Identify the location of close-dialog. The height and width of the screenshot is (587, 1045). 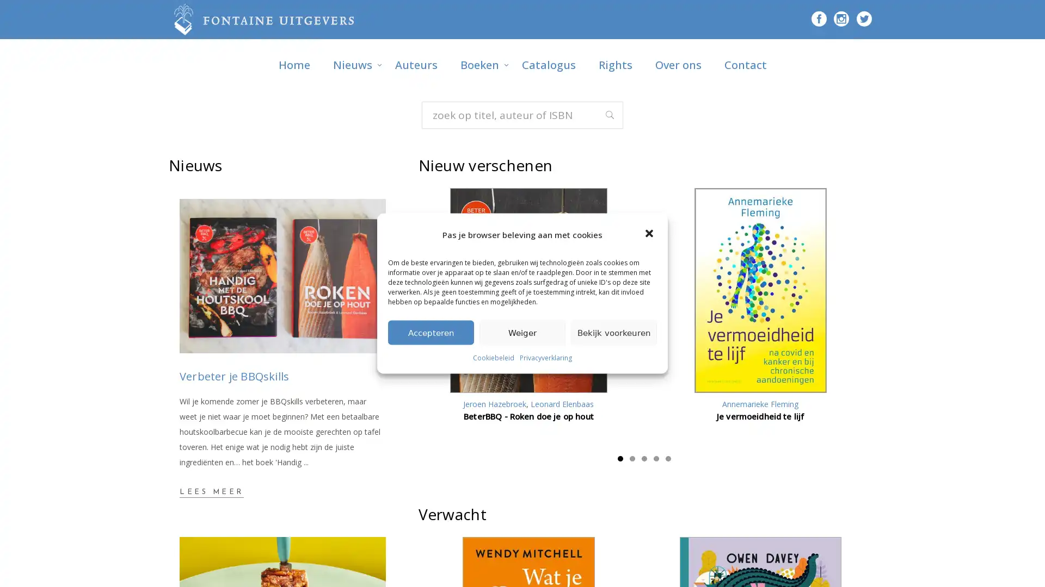
(650, 234).